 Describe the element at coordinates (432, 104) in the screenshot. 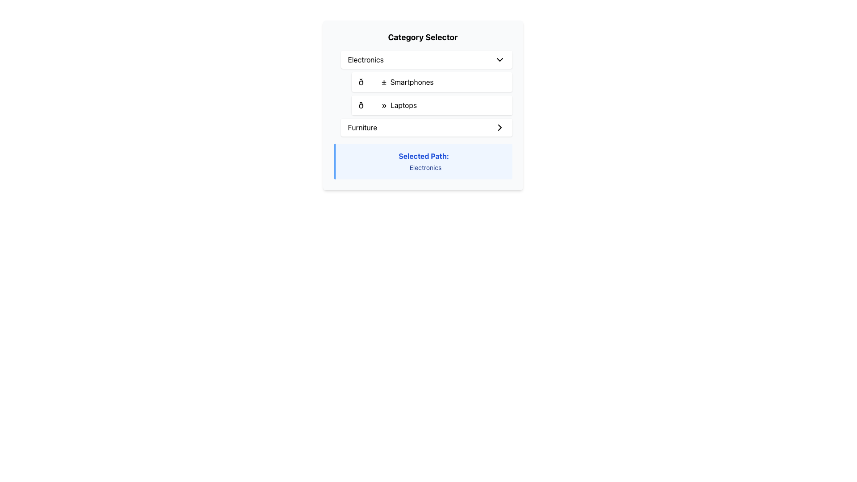

I see `the 'Laptops' category option in the 'Category Selector' menu` at that location.